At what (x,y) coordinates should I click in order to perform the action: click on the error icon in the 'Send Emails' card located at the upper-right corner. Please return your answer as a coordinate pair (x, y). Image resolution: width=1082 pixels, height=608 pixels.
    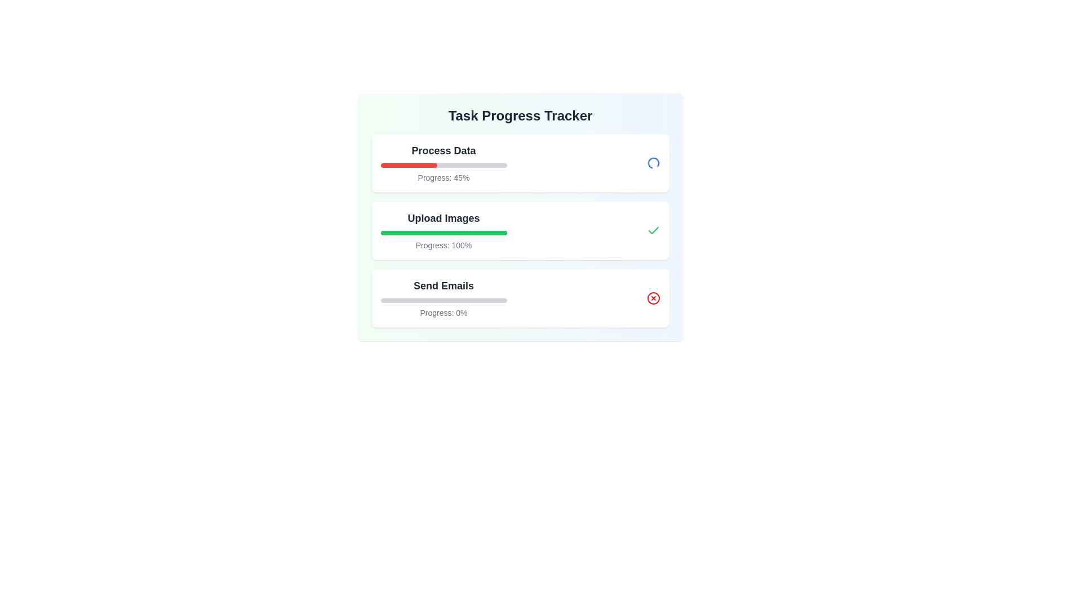
    Looking at the image, I should click on (653, 297).